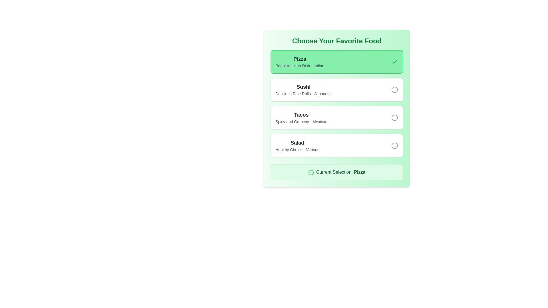 The image size is (548, 308). I want to click on the descriptive label under the 'Tacos' option in the food selection interface, which provides additional information about its characteristics and cuisine type, so click(301, 121).